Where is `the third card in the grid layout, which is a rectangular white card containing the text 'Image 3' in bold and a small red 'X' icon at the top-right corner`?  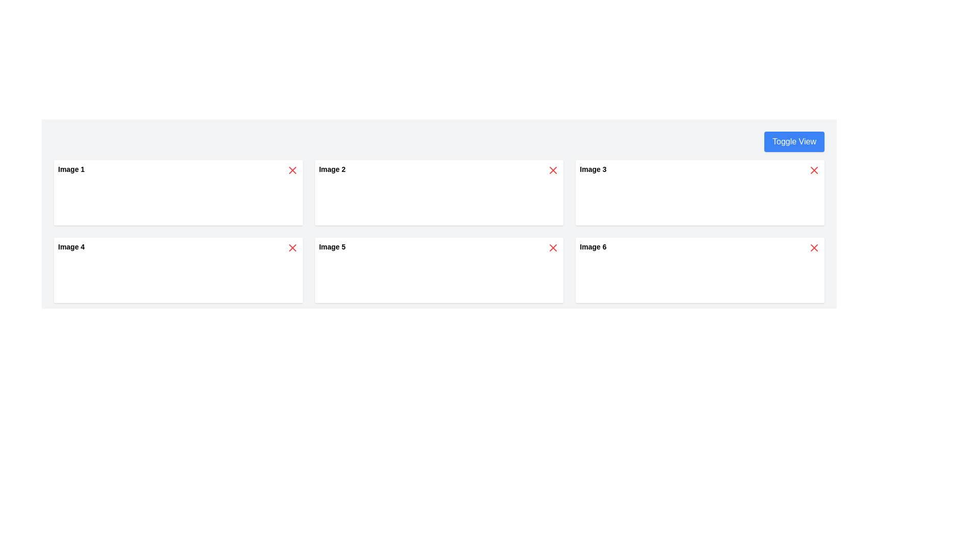 the third card in the grid layout, which is a rectangular white card containing the text 'Image 3' in bold and a small red 'X' icon at the top-right corner is located at coordinates (700, 193).